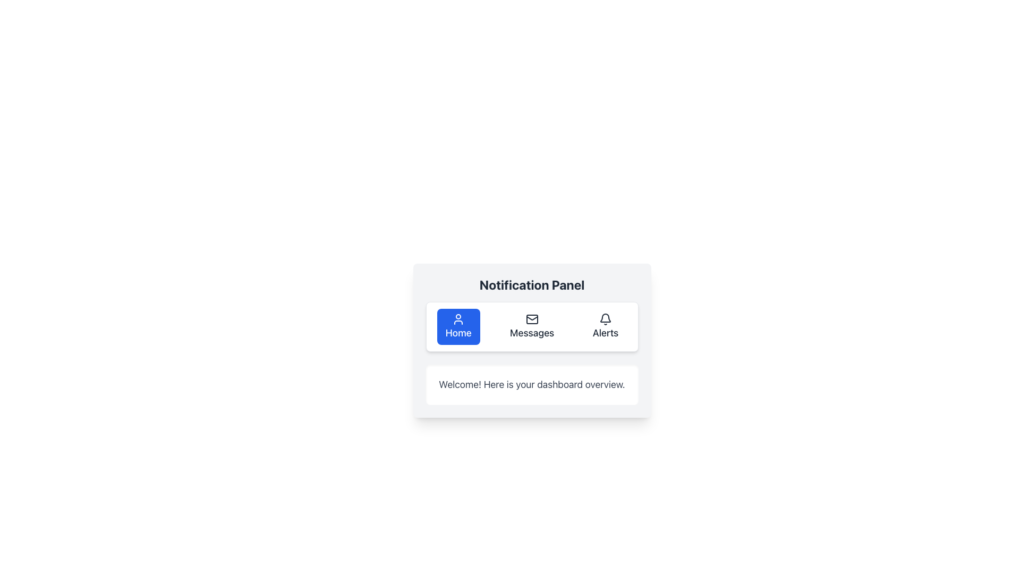 The height and width of the screenshot is (574, 1020). Describe the element at coordinates (532, 333) in the screenshot. I see `'Messages' label located in the middle section of the toolbar, positioned below the envelope icon and to the right of the 'Home' button` at that location.